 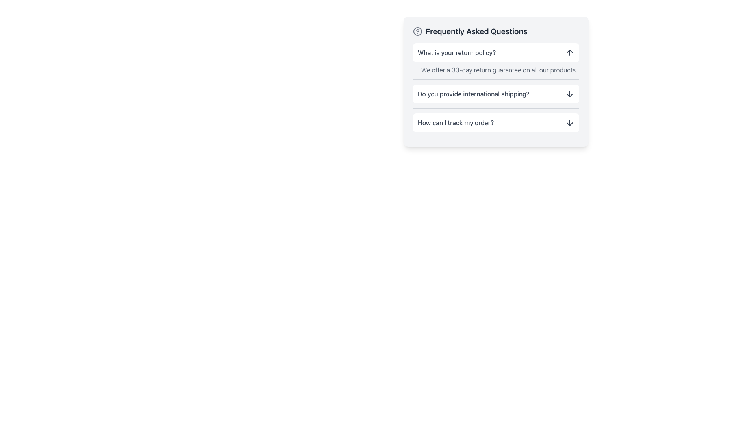 What do you see at coordinates (495, 96) in the screenshot?
I see `the interactive text element labeled 'Do you provide international shipping?' which includes a downward pointing arrow icon, to potentially trigger a visual highlight or tooltip` at bounding box center [495, 96].